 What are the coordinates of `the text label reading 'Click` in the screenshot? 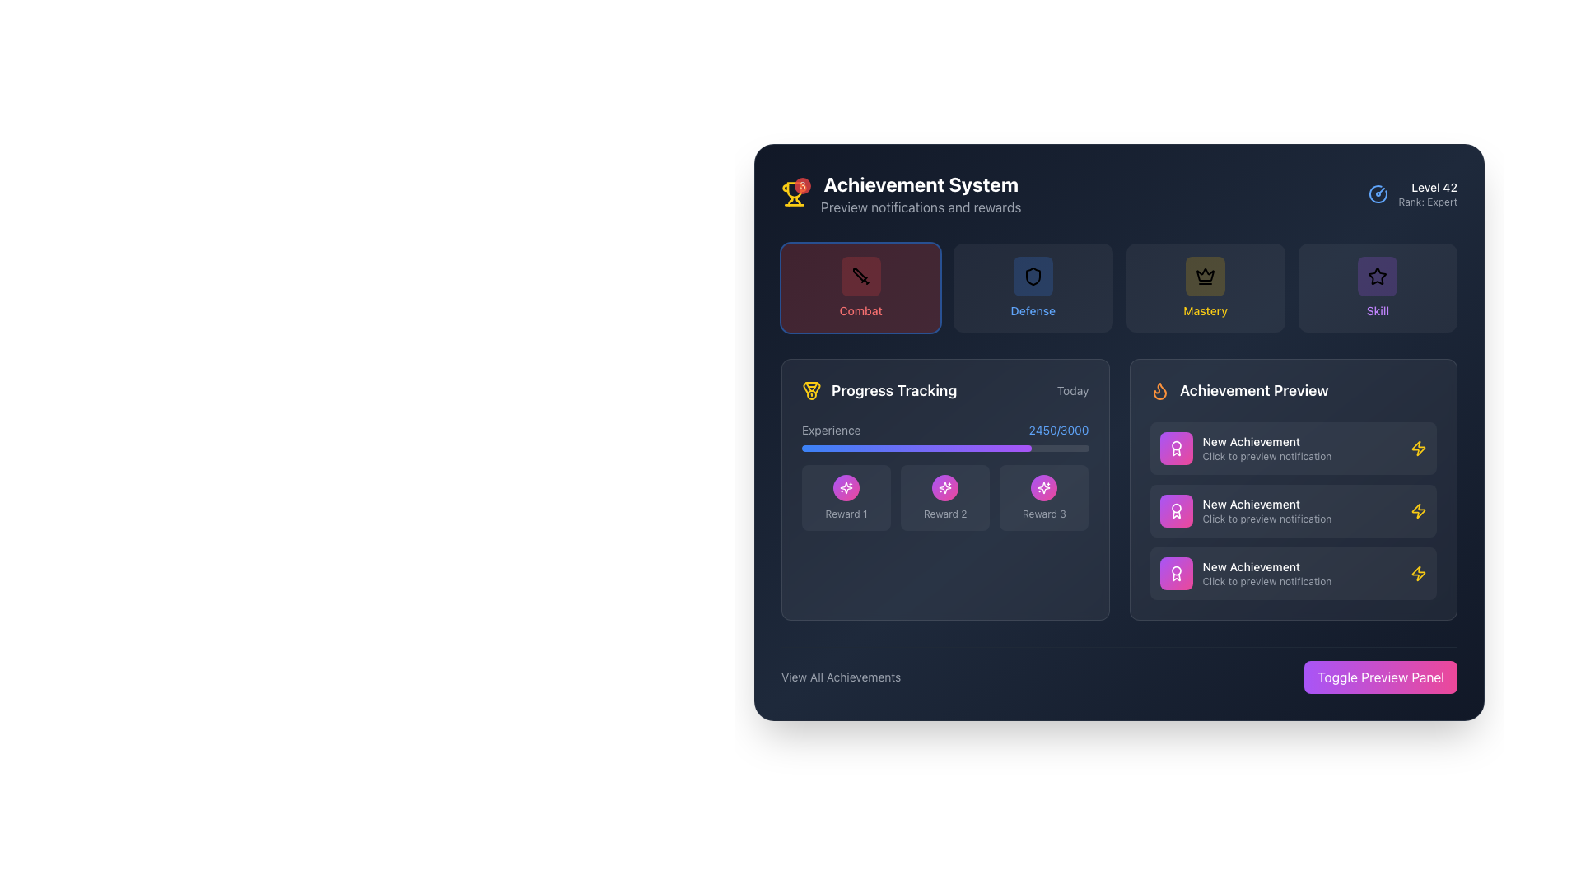 It's located at (1300, 580).